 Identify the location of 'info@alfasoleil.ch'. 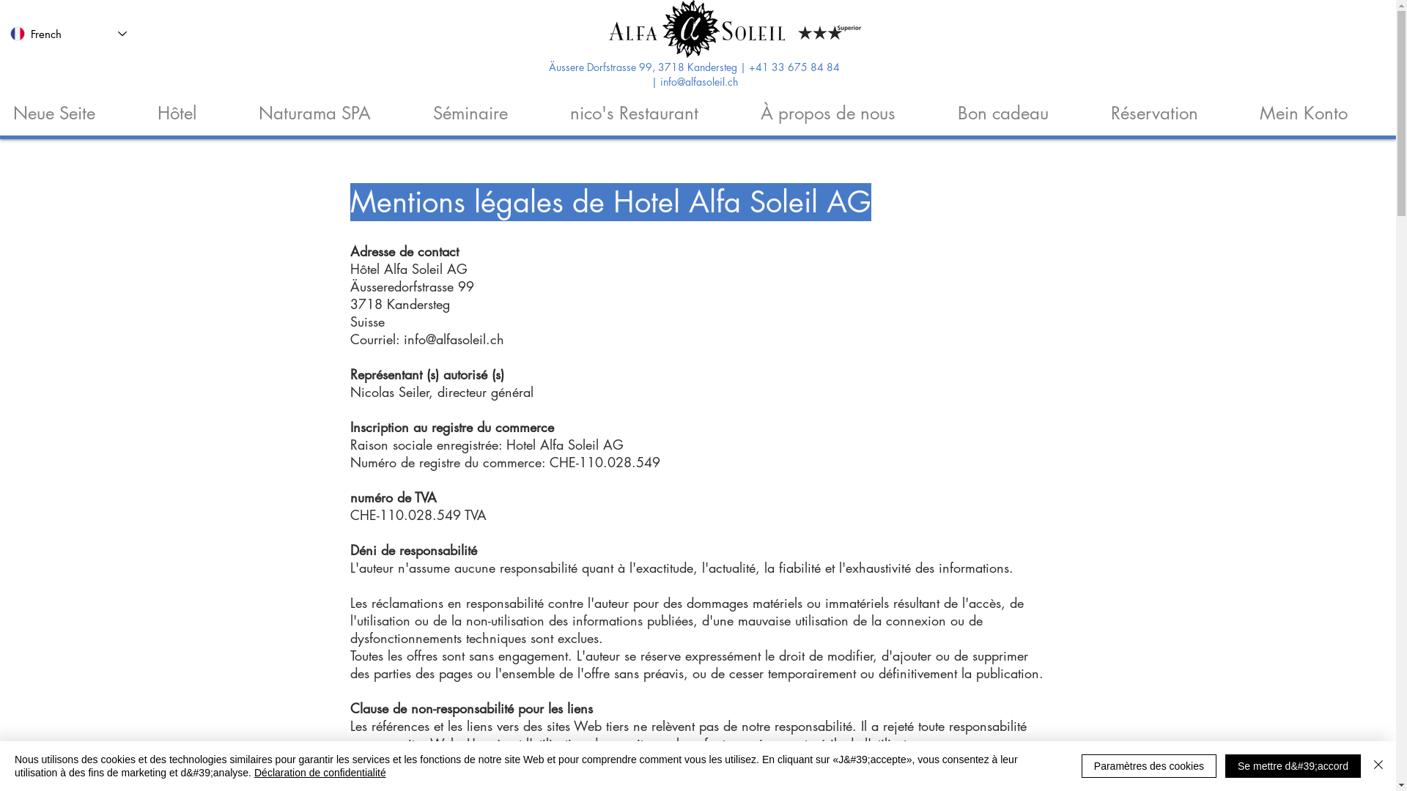
(403, 338).